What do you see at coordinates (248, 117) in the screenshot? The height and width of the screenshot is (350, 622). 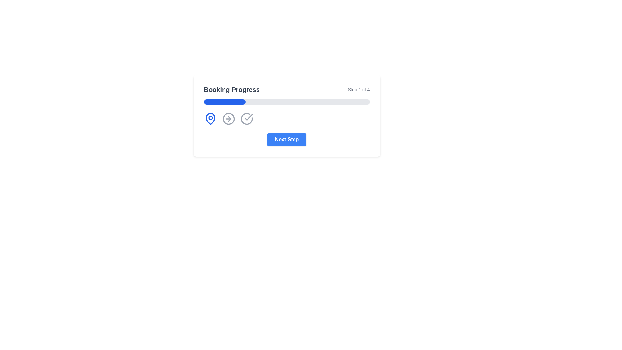 I see `check mark icon within the SVG component, which is styled with a gray color and is part of a circular icon located third from the left among a set of icons below a progress bar` at bounding box center [248, 117].